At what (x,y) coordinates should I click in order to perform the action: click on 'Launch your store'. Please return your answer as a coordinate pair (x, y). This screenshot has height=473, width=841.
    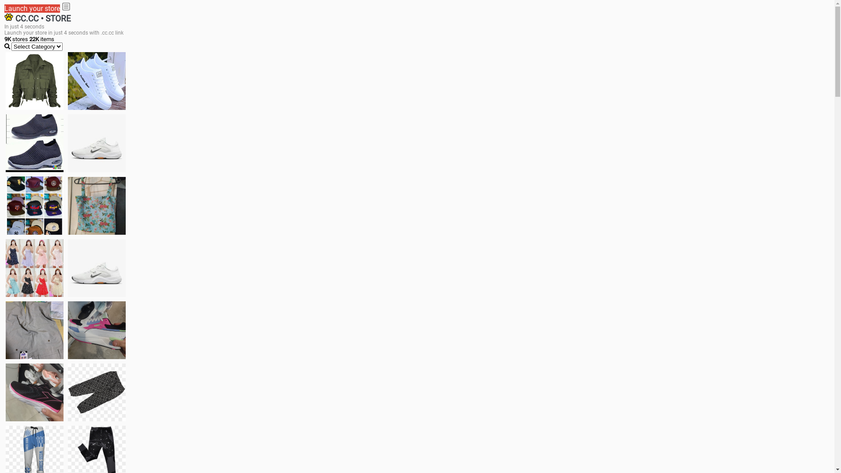
    Looking at the image, I should click on (32, 8).